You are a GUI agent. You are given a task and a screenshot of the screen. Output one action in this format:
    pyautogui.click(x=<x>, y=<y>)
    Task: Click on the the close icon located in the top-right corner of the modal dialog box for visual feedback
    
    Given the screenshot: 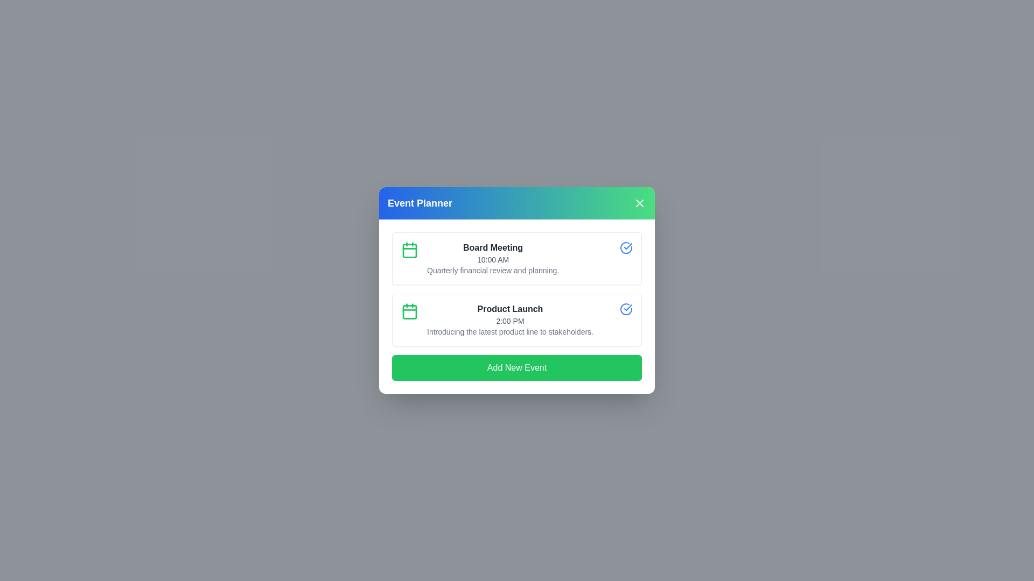 What is the action you would take?
    pyautogui.click(x=640, y=203)
    